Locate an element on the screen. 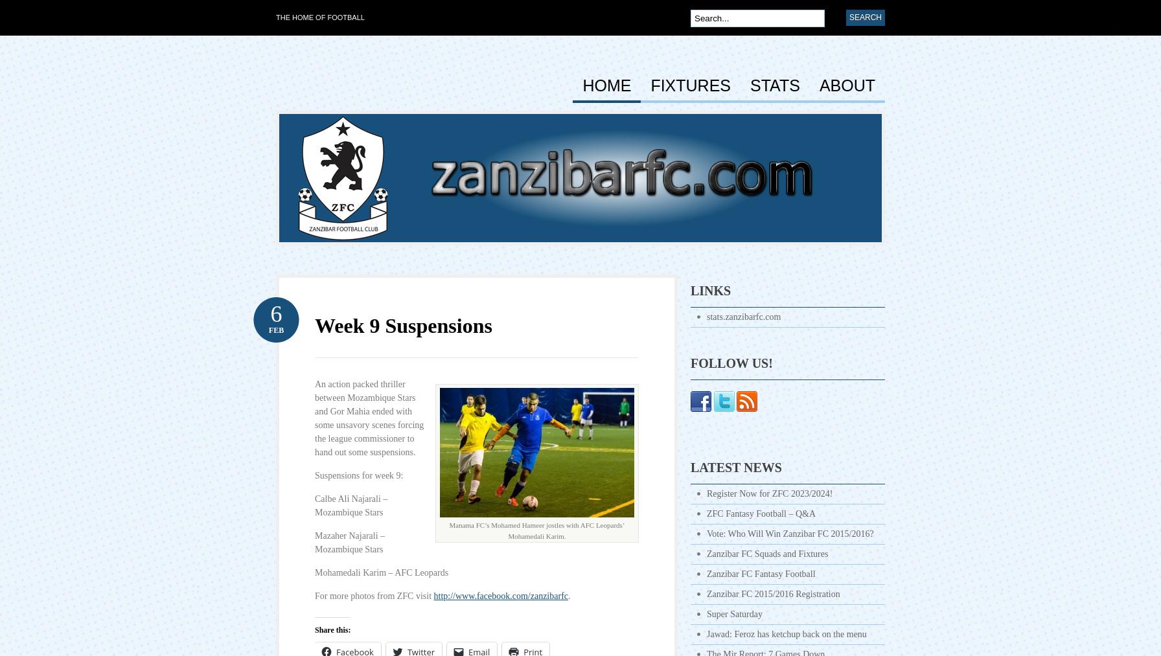  'Zanzibar FC Fantasy Football' is located at coordinates (761, 573).